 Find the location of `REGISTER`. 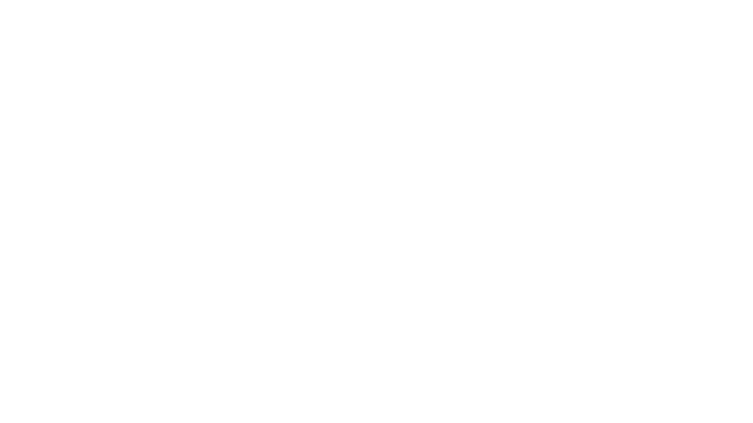

REGISTER is located at coordinates (211, 273).